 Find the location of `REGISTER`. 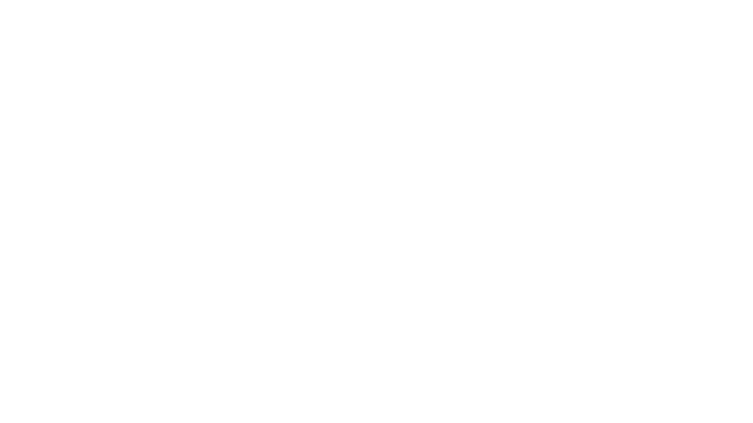

REGISTER is located at coordinates (211, 273).